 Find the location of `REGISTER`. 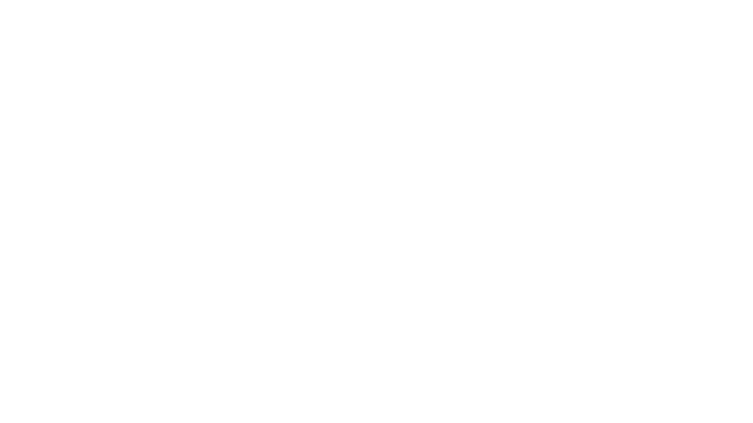

REGISTER is located at coordinates (211, 273).